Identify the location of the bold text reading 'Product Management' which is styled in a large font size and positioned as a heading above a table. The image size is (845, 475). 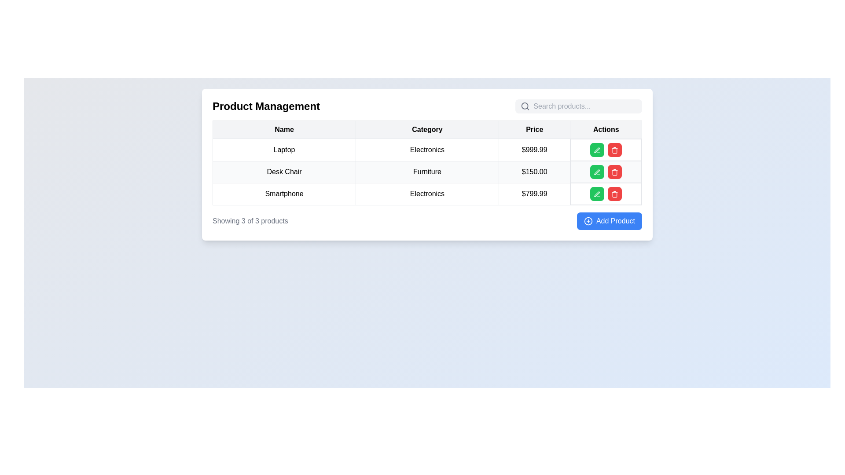
(265, 106).